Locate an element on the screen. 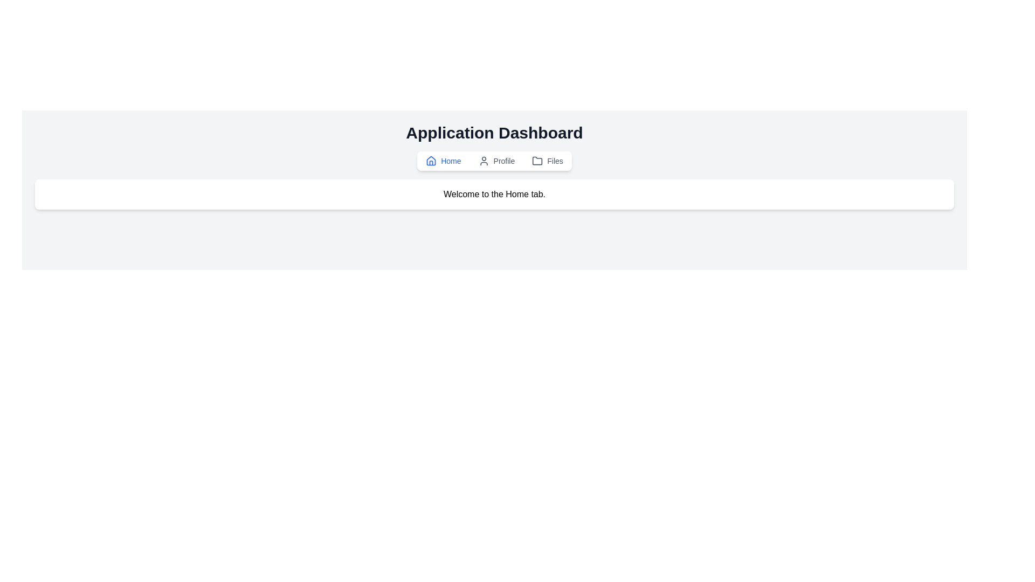  the user's profile icon located in the top central section of the interface, which is part of the navigation button labeled 'Profile' is located at coordinates (483, 161).